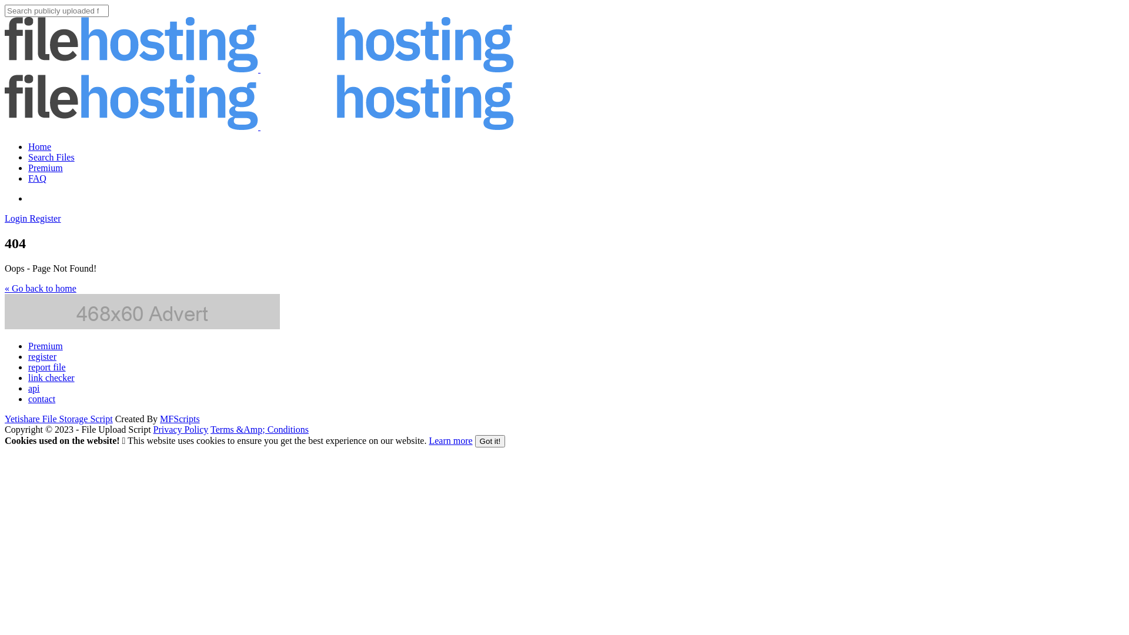 This screenshot has width=1129, height=635. What do you see at coordinates (450, 440) in the screenshot?
I see `'Learn more'` at bounding box center [450, 440].